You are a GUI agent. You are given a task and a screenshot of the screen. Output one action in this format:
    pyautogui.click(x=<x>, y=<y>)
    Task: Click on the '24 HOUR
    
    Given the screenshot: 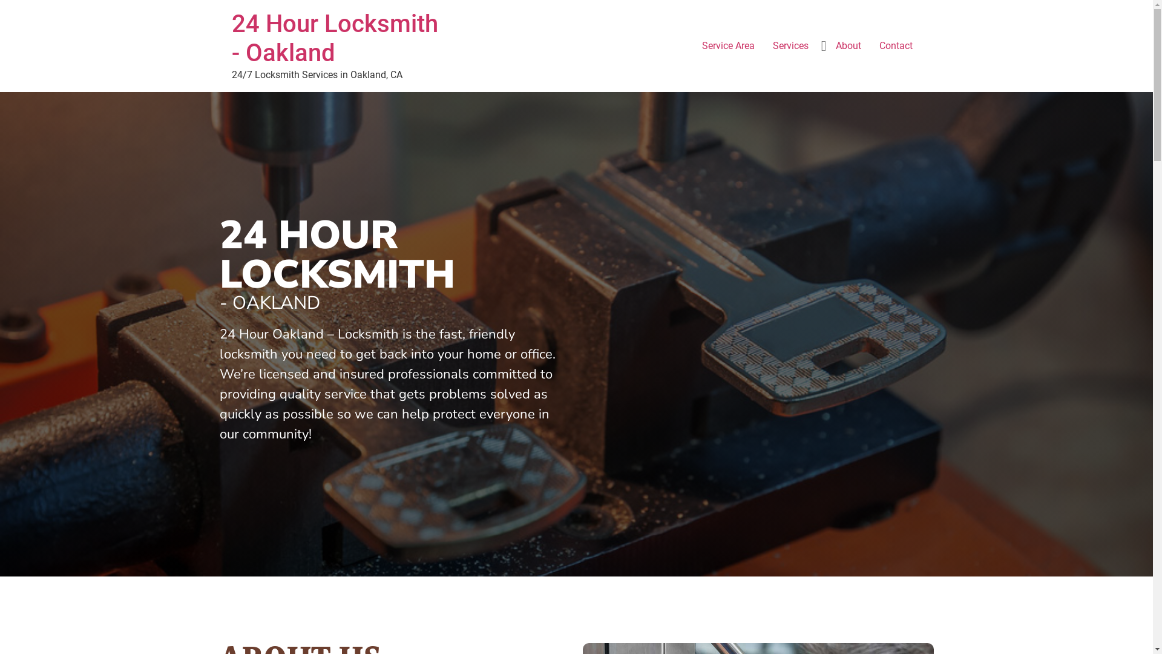 What is the action you would take?
    pyautogui.click(x=218, y=254)
    